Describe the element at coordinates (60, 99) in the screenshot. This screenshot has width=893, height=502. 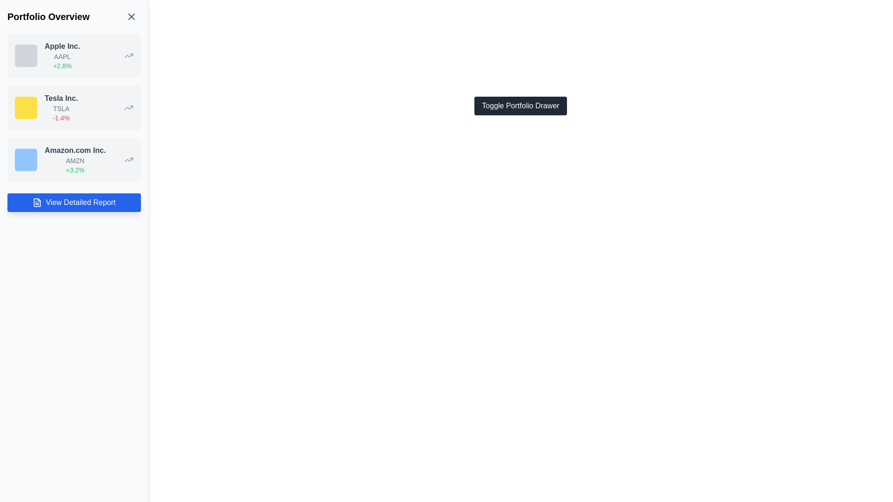
I see `the text label displaying 'Tesla Inc.' in bold gray font, located at the top of the Tesla card in the mid-tier of a vertical list of company cards` at that location.